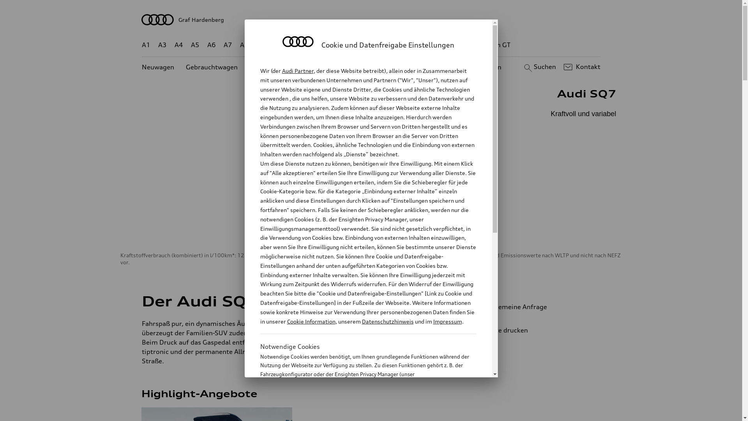  I want to click on 'Suchen', so click(538, 67).